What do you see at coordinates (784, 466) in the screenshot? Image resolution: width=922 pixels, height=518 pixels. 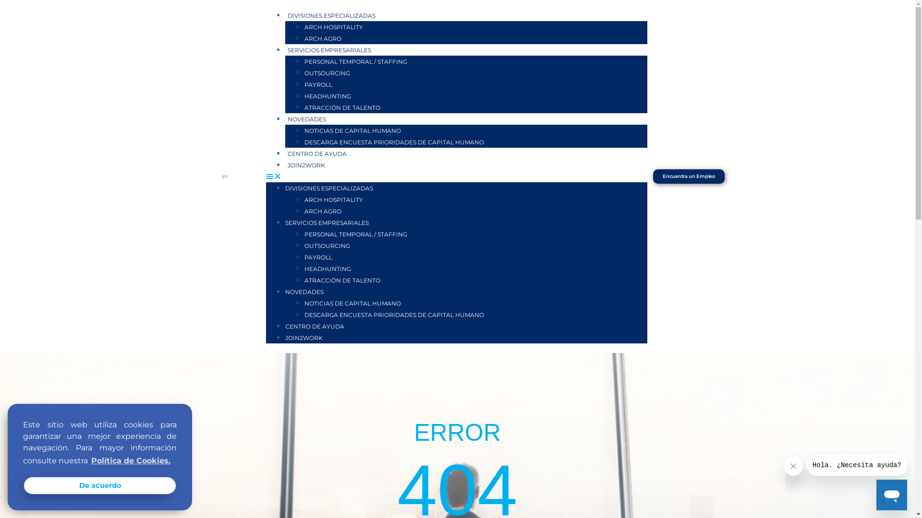 I see `'Close message'` at bounding box center [784, 466].